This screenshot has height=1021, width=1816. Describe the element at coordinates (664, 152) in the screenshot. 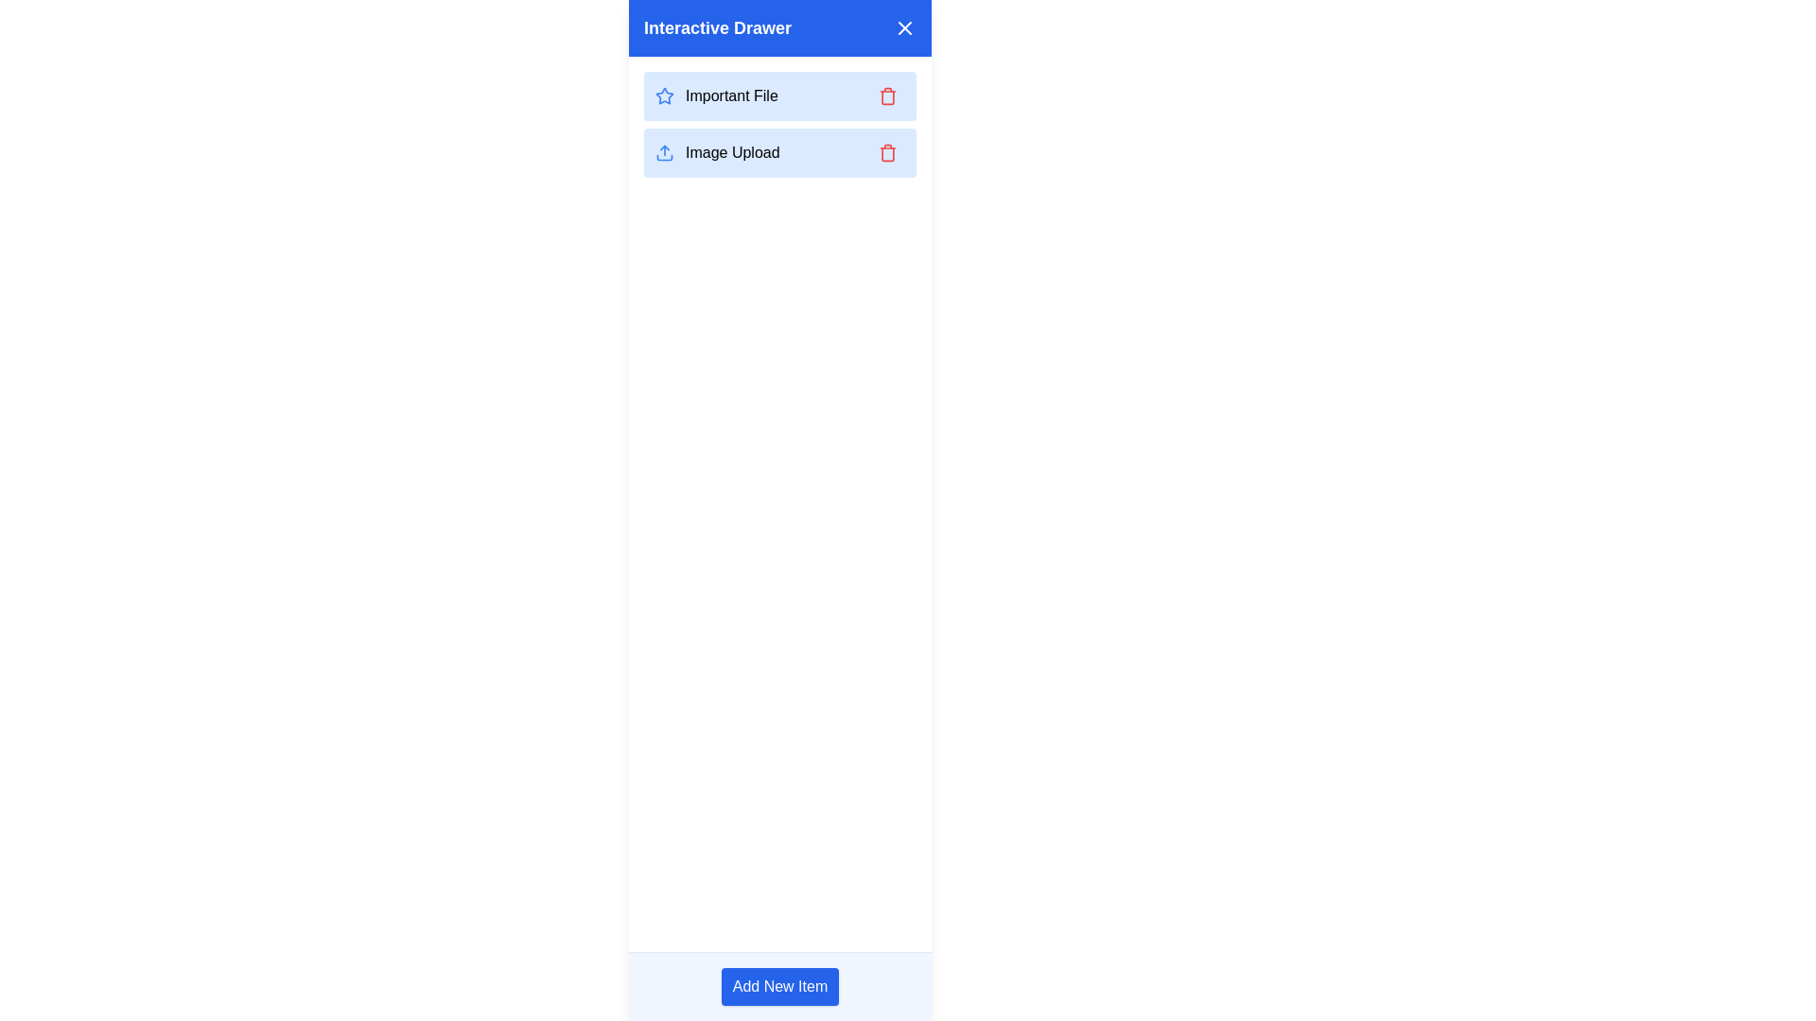

I see `the blue upload icon, which features an upward arrow above a rectangular base, located at the beginning of a horizontal layout that includes the text 'Image Upload'` at that location.